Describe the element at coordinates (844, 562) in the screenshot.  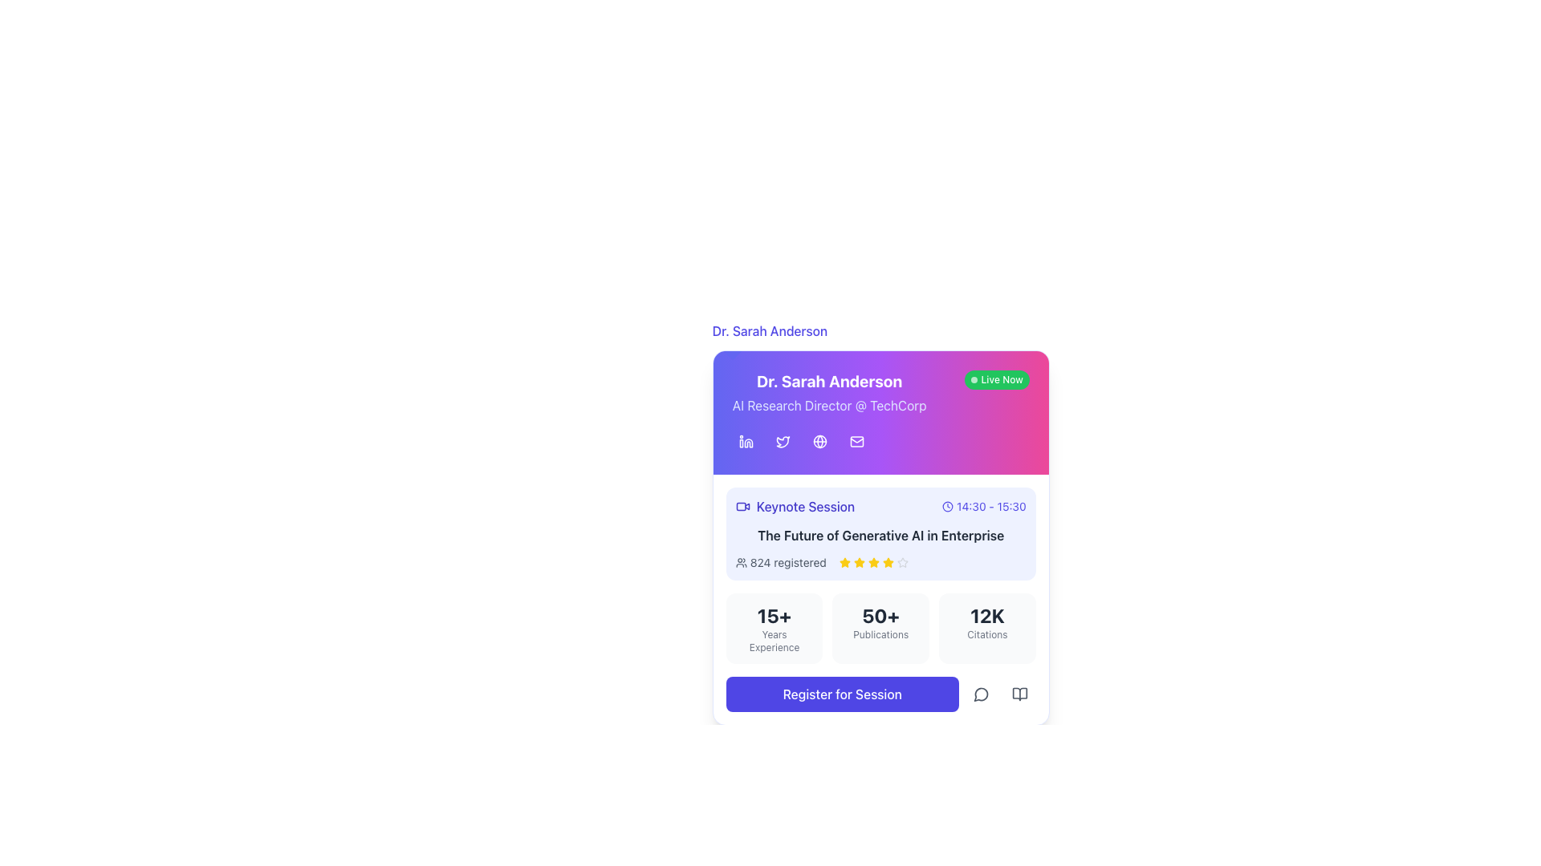
I see `the first yellow star icon in the rating group, which is visually highlighted and distinct from the gray stars` at that location.